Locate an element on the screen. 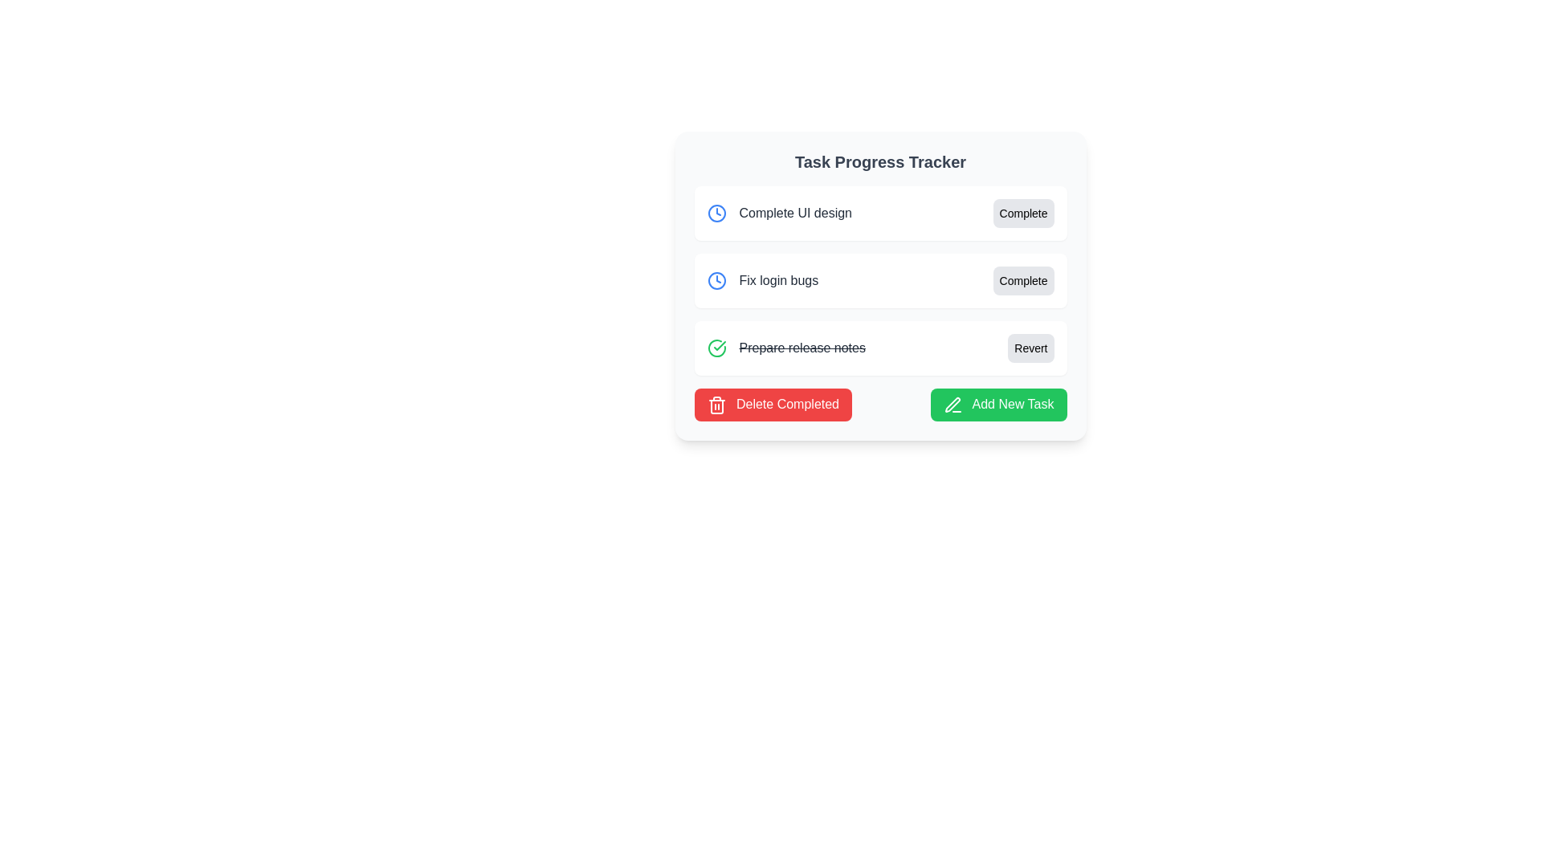 This screenshot has width=1542, height=867. the text label displaying 'Complete UI design', which is styled with a gray font color and located in the first task row of the task tracker UI, between a clock icon and a 'Complete' button is located at coordinates (795, 213).